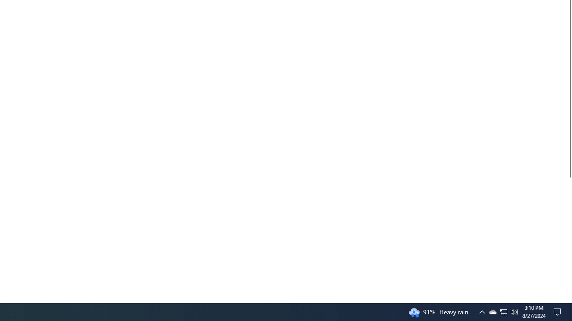 This screenshot has width=572, height=321. What do you see at coordinates (568, 299) in the screenshot?
I see `'Vertical Small Increase'` at bounding box center [568, 299].